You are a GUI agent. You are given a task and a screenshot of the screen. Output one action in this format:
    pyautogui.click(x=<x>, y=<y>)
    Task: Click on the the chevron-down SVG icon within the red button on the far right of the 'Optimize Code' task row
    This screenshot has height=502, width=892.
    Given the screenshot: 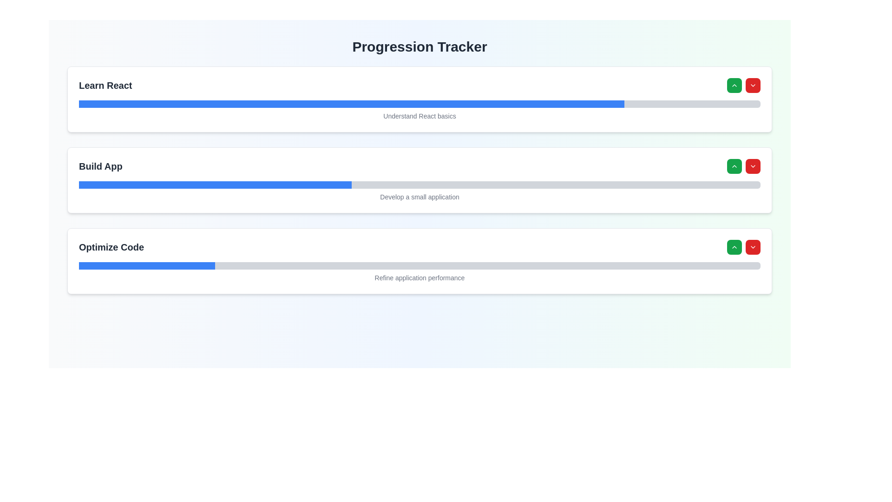 What is the action you would take?
    pyautogui.click(x=753, y=247)
    